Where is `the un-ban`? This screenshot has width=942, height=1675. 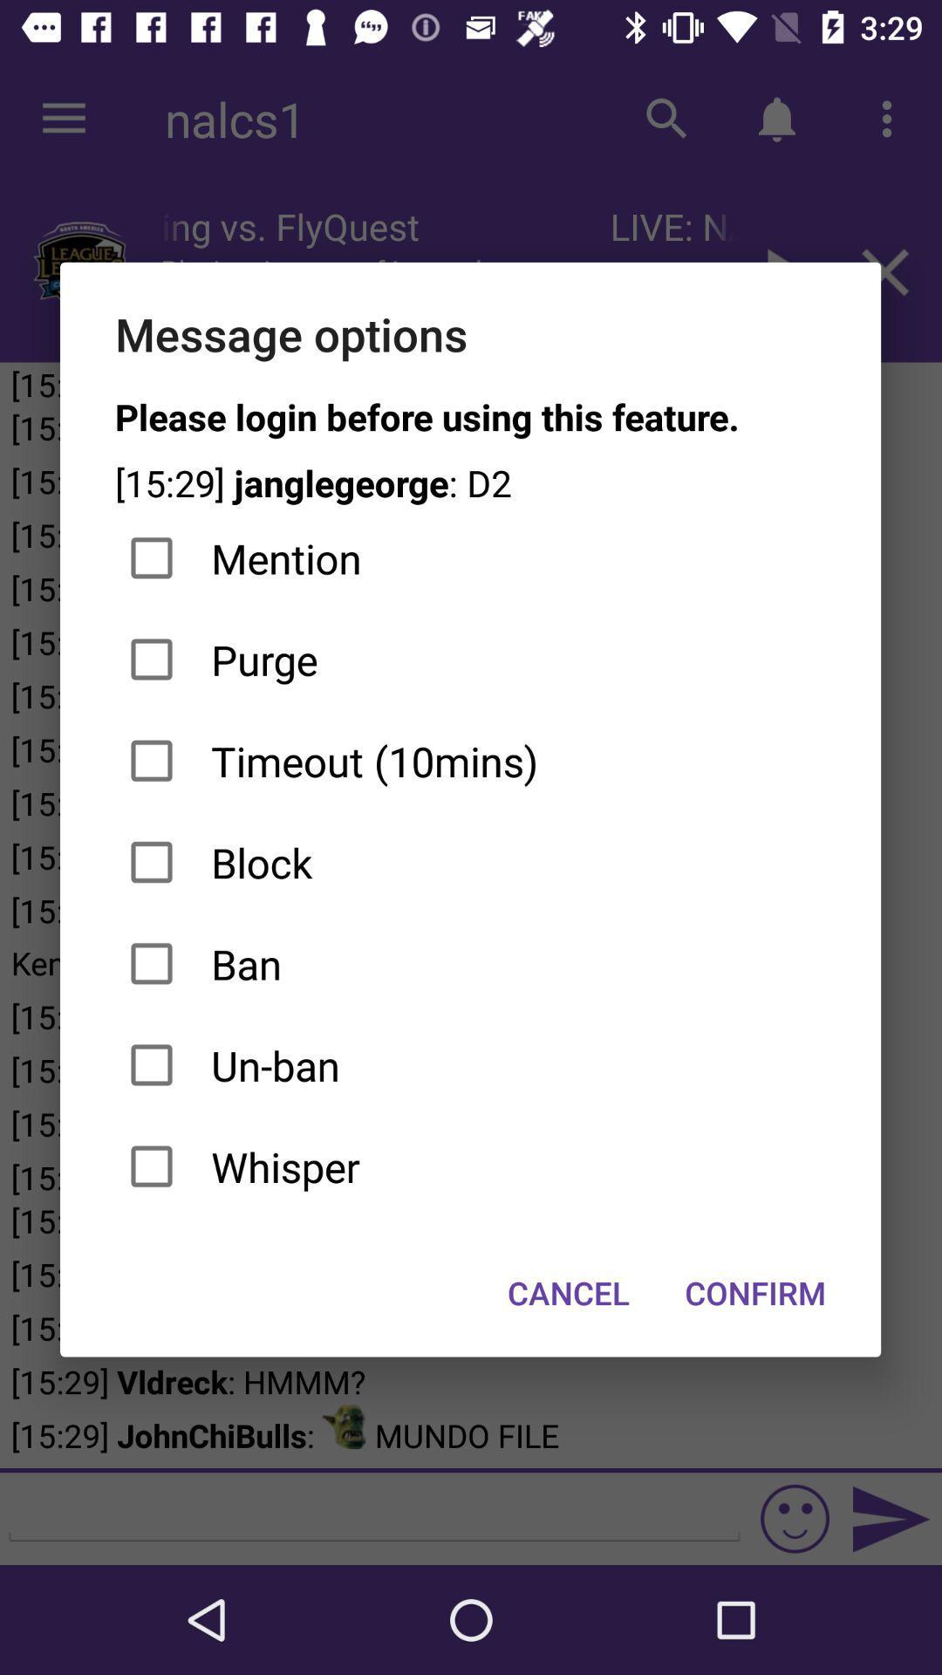
the un-ban is located at coordinates (469, 1064).